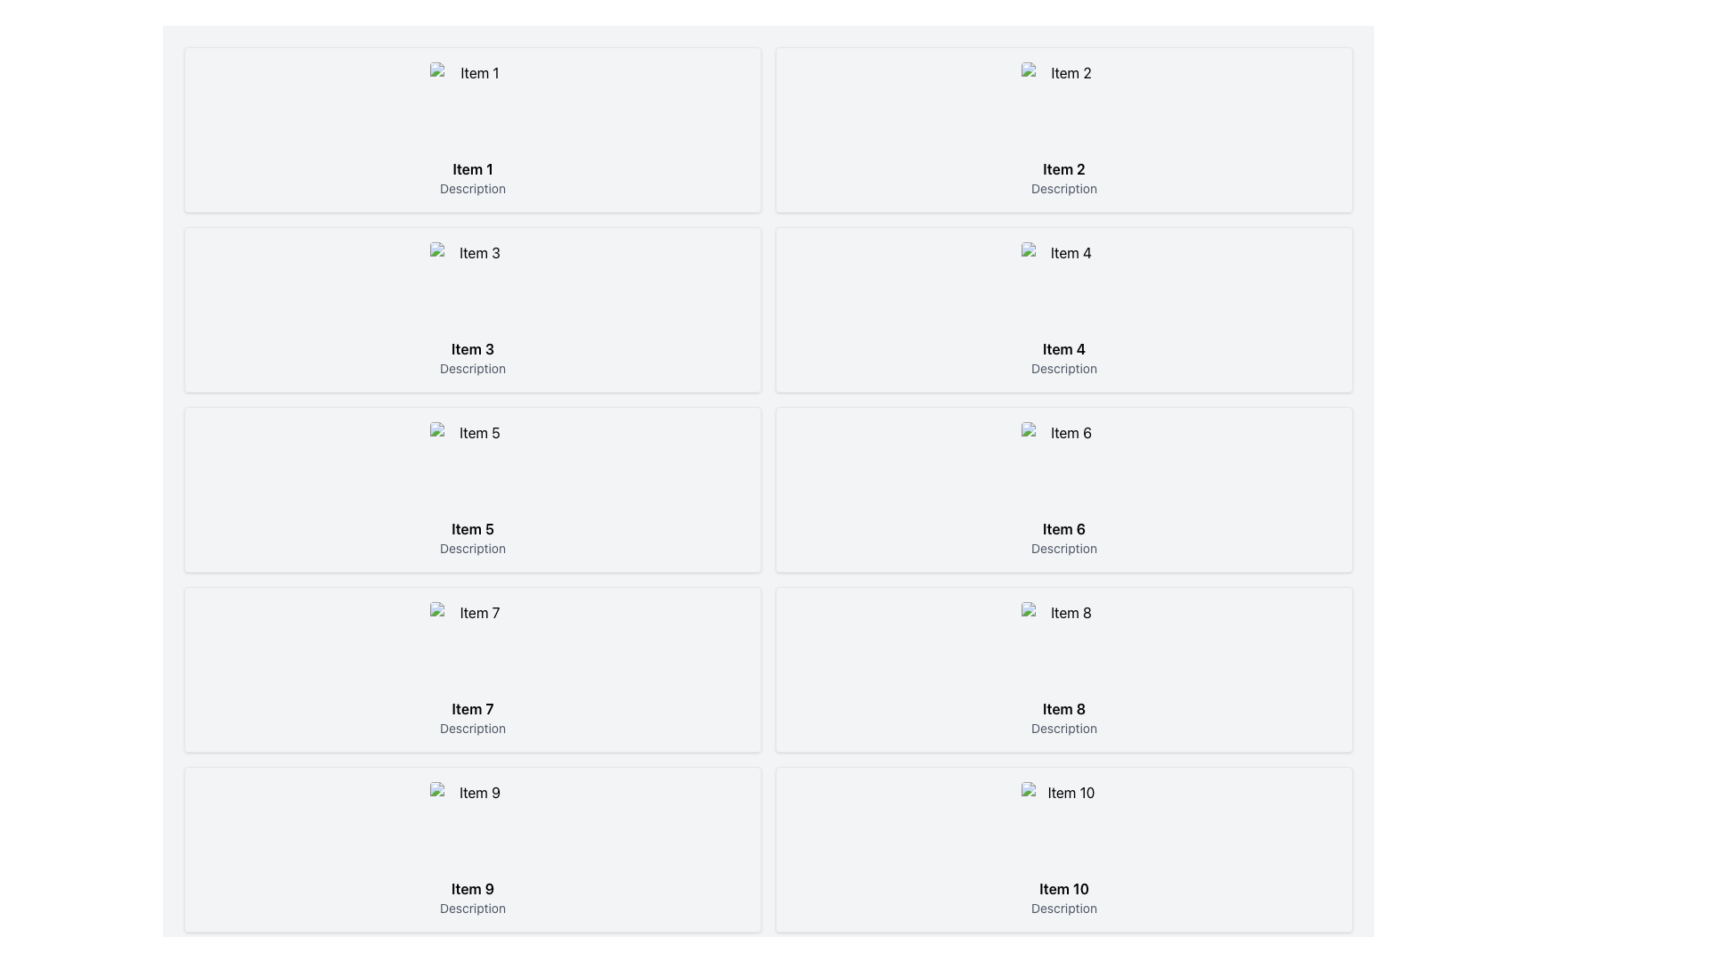 The image size is (1710, 962). What do you see at coordinates (1064, 490) in the screenshot?
I see `the sixth card component in the grid layout, which displays an item with an image and textual details` at bounding box center [1064, 490].